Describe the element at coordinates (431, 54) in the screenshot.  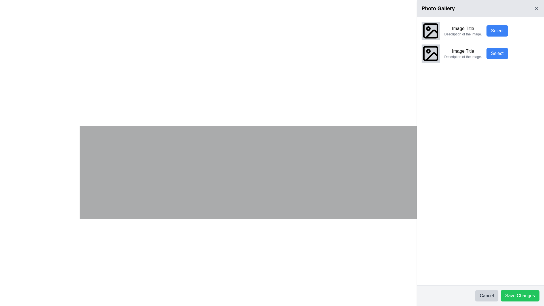
I see `the image preview icon for the list item titled 'Image Title' in the 'Photo Gallery' panel, which is the second item in the list` at that location.